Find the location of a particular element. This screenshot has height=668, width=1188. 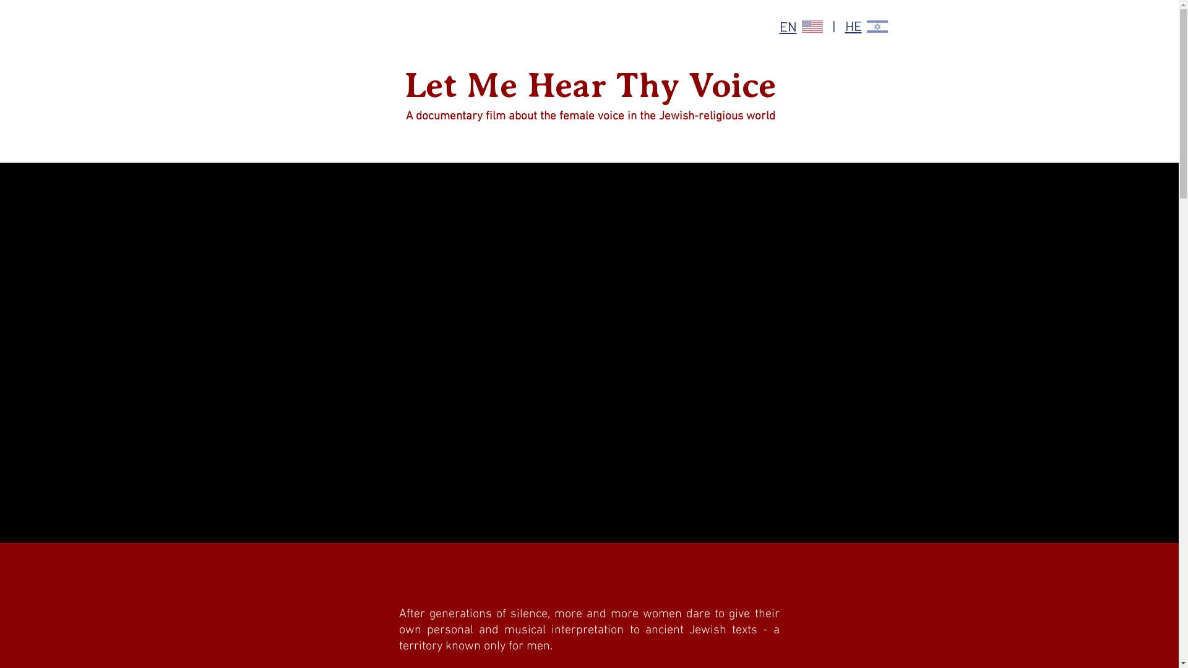

'EN' is located at coordinates (787, 27).